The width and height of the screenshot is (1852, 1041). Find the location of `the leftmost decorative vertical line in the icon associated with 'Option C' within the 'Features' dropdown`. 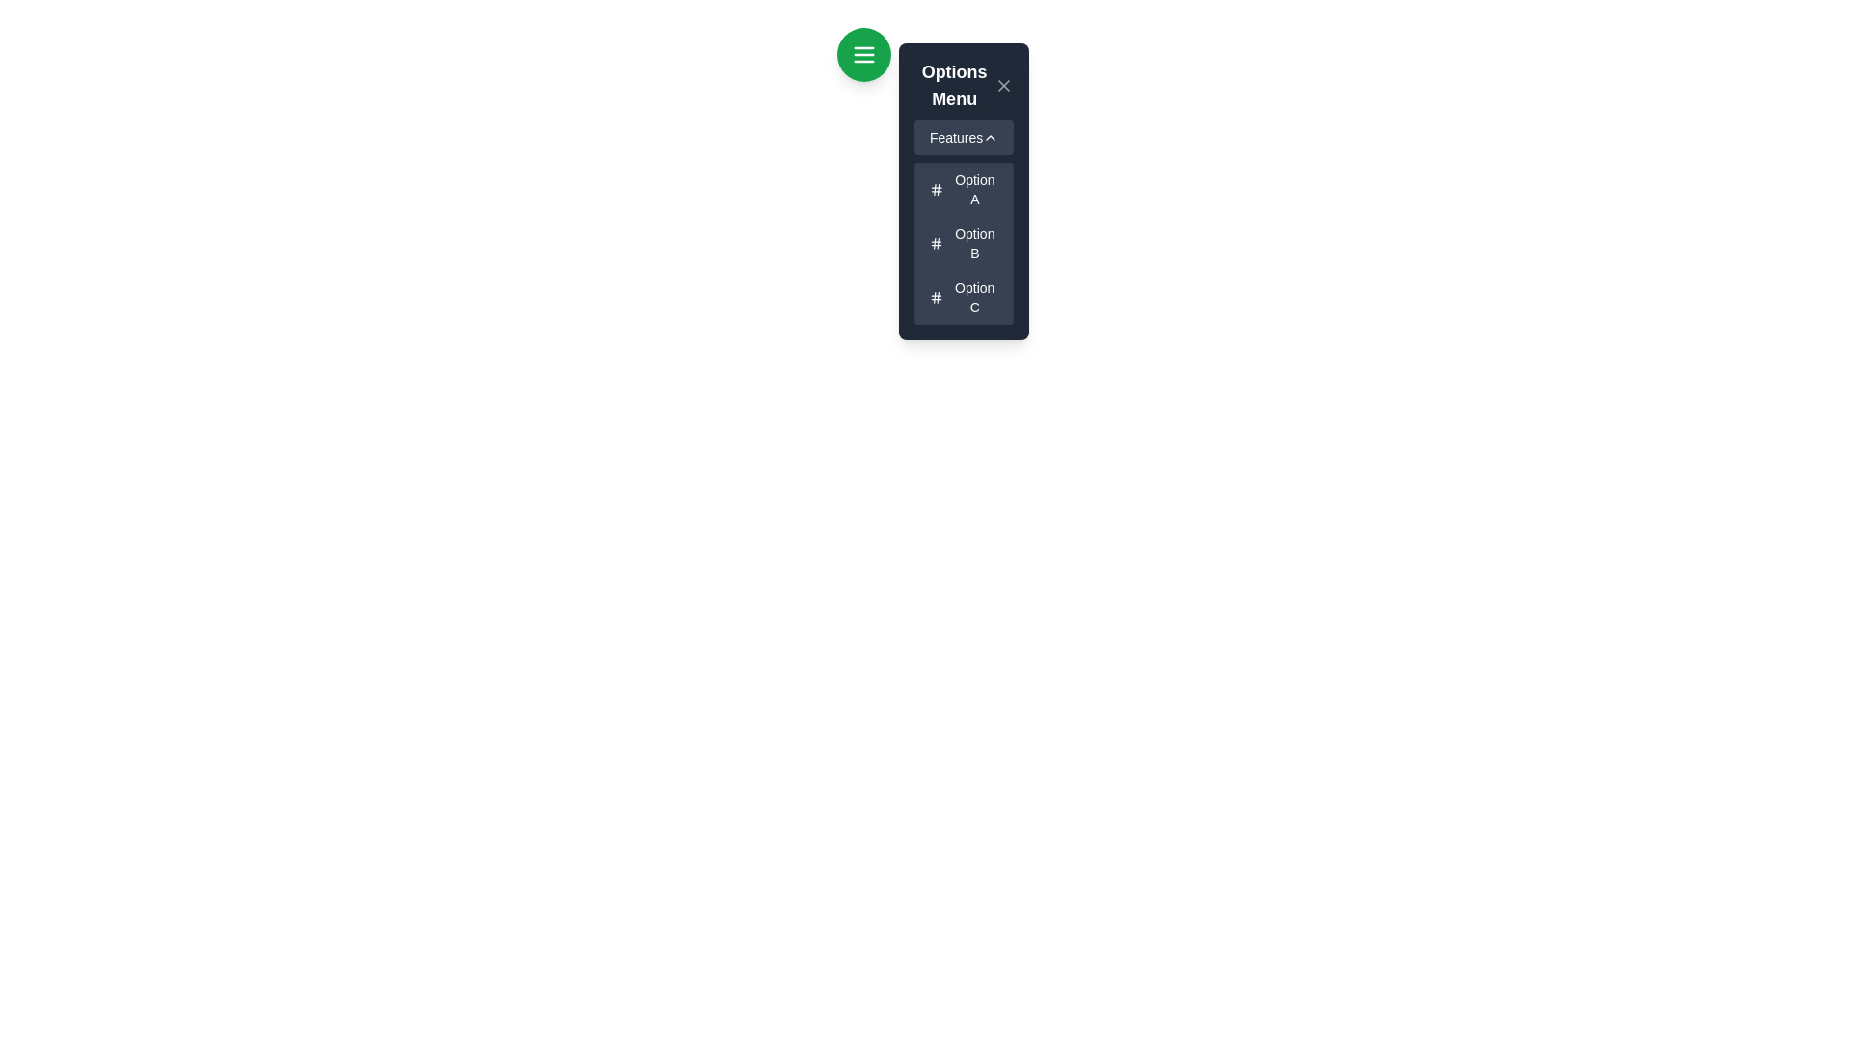

the leftmost decorative vertical line in the icon associated with 'Option C' within the 'Features' dropdown is located at coordinates (935, 297).